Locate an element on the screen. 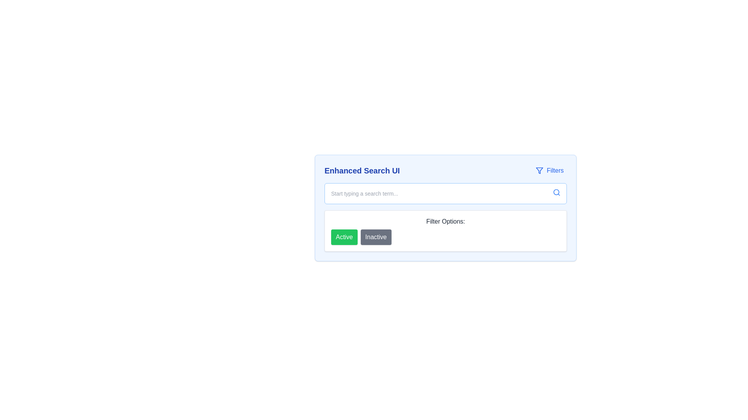  the filter icon located to the right of the 'Filters' button, which visually represents the filter functionality is located at coordinates (539, 170).